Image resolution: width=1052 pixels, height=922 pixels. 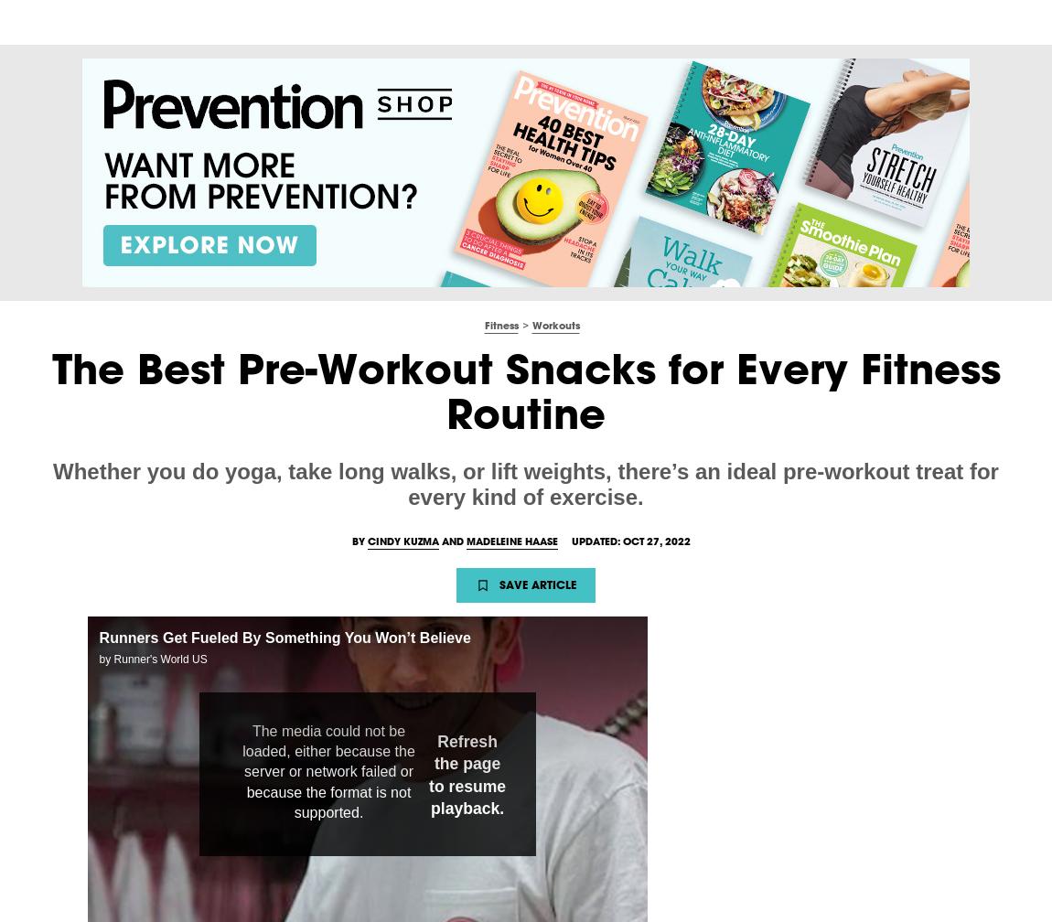 I want to click on 'Beauty', so click(x=317, y=21).